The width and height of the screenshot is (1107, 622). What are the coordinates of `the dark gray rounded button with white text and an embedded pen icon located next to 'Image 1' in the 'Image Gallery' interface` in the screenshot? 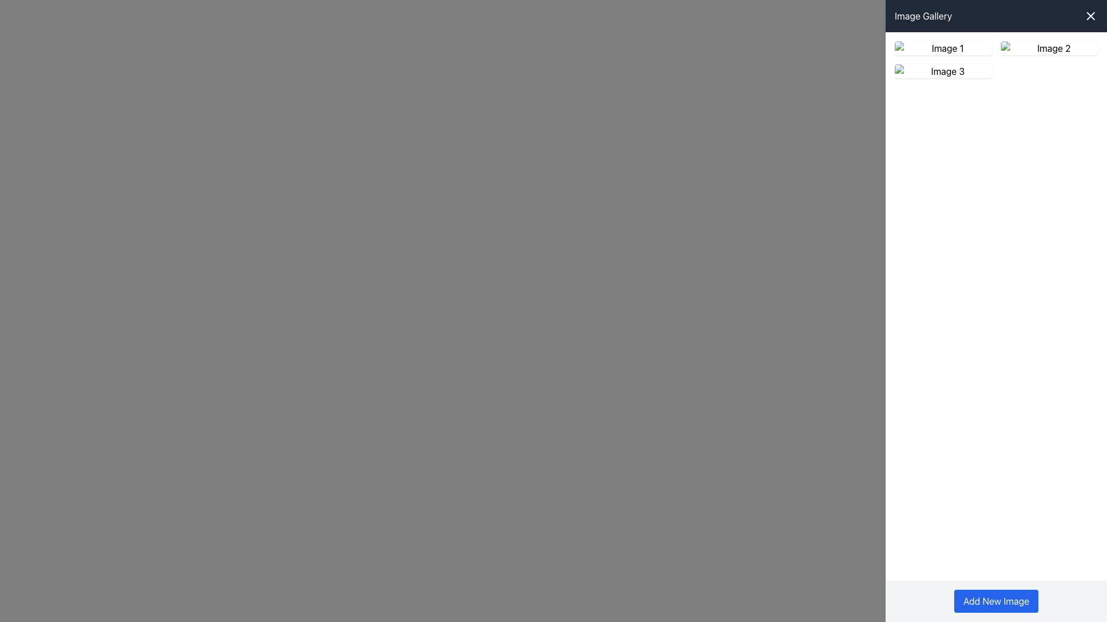 It's located at (943, 48).